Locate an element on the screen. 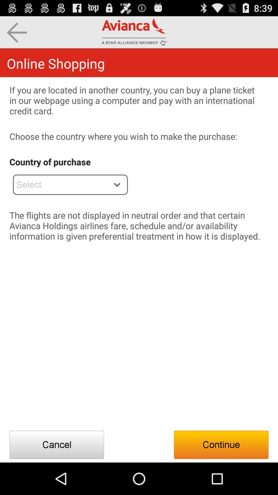 The height and width of the screenshot is (495, 278). the item above the flights are is located at coordinates (70, 185).